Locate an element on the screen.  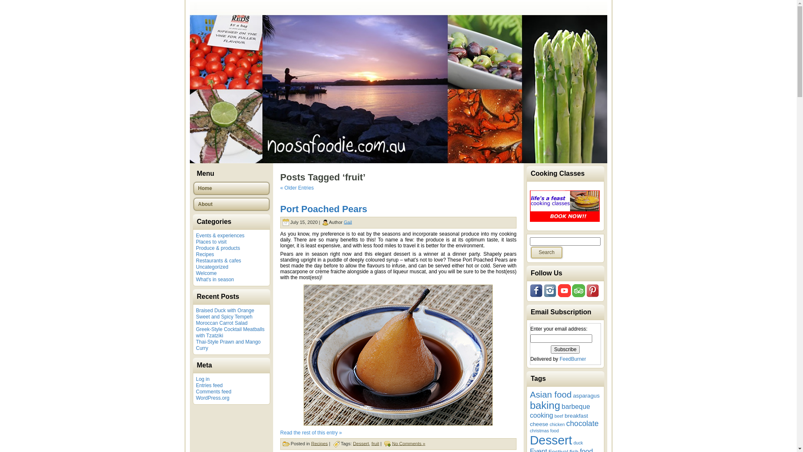
'Search' is located at coordinates (529, 252).